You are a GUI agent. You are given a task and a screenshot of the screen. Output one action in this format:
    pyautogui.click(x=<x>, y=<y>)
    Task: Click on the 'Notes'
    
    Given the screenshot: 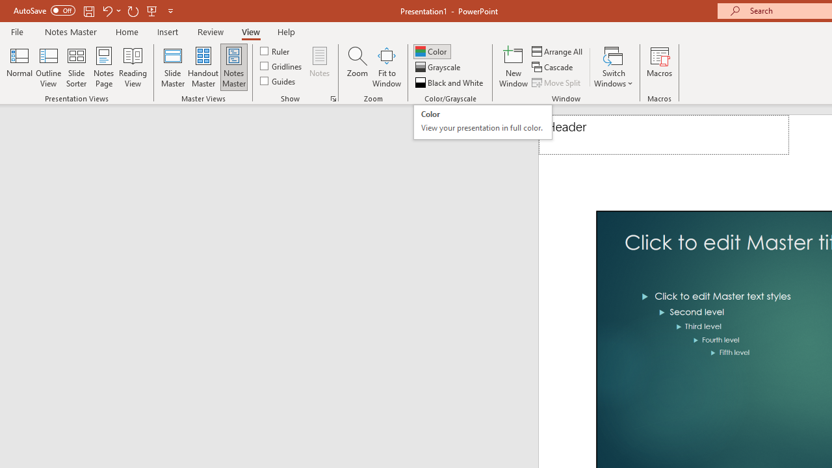 What is the action you would take?
    pyautogui.click(x=320, y=67)
    